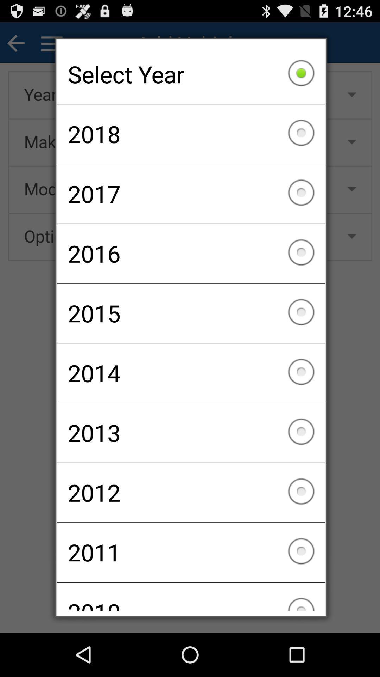 Image resolution: width=380 pixels, height=677 pixels. Describe the element at coordinates (191, 492) in the screenshot. I see `the 2012` at that location.